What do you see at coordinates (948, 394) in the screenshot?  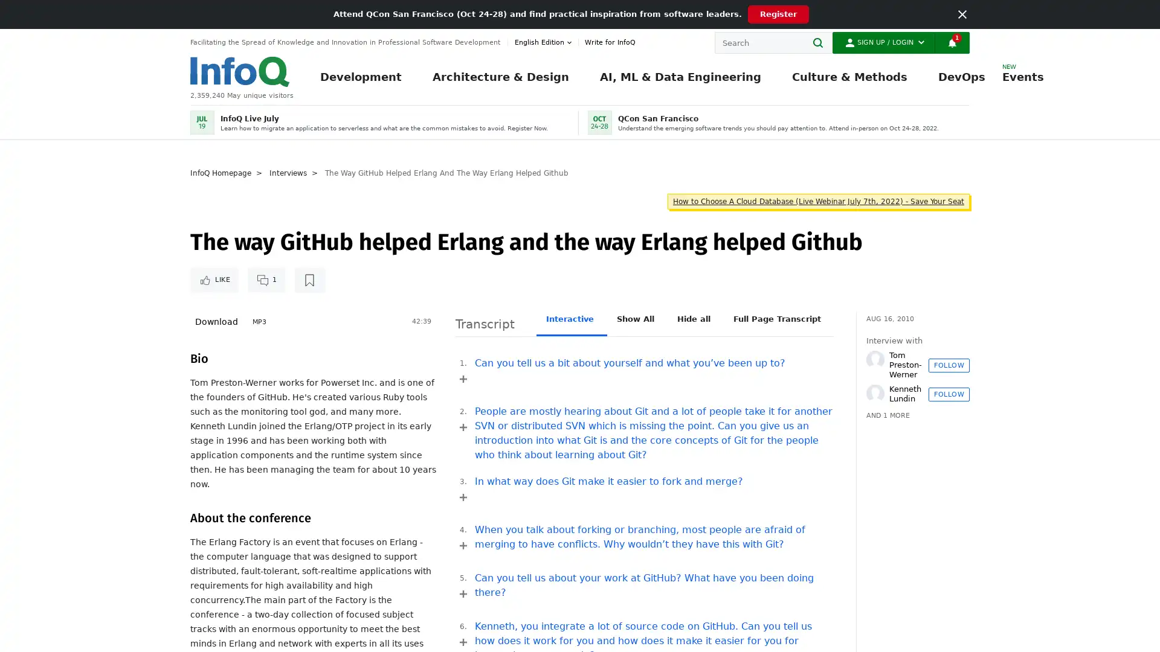 I see `Follow` at bounding box center [948, 394].